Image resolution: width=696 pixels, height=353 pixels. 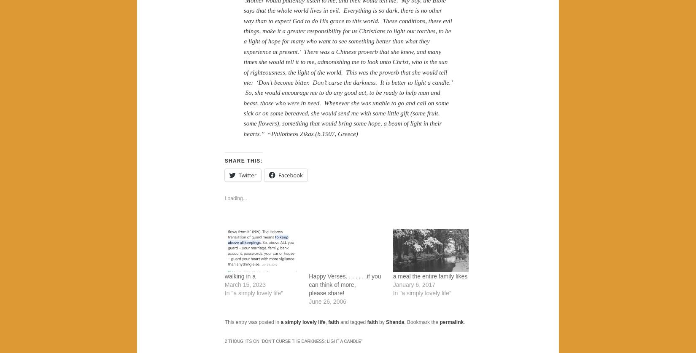 What do you see at coordinates (382, 321) in the screenshot?
I see `'by'` at bounding box center [382, 321].